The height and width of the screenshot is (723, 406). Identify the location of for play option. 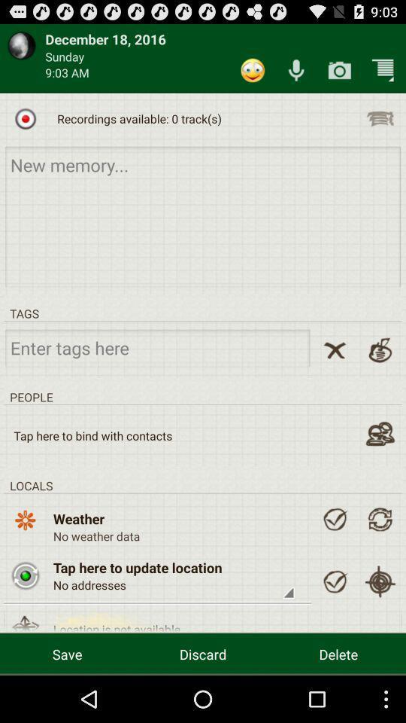
(25, 117).